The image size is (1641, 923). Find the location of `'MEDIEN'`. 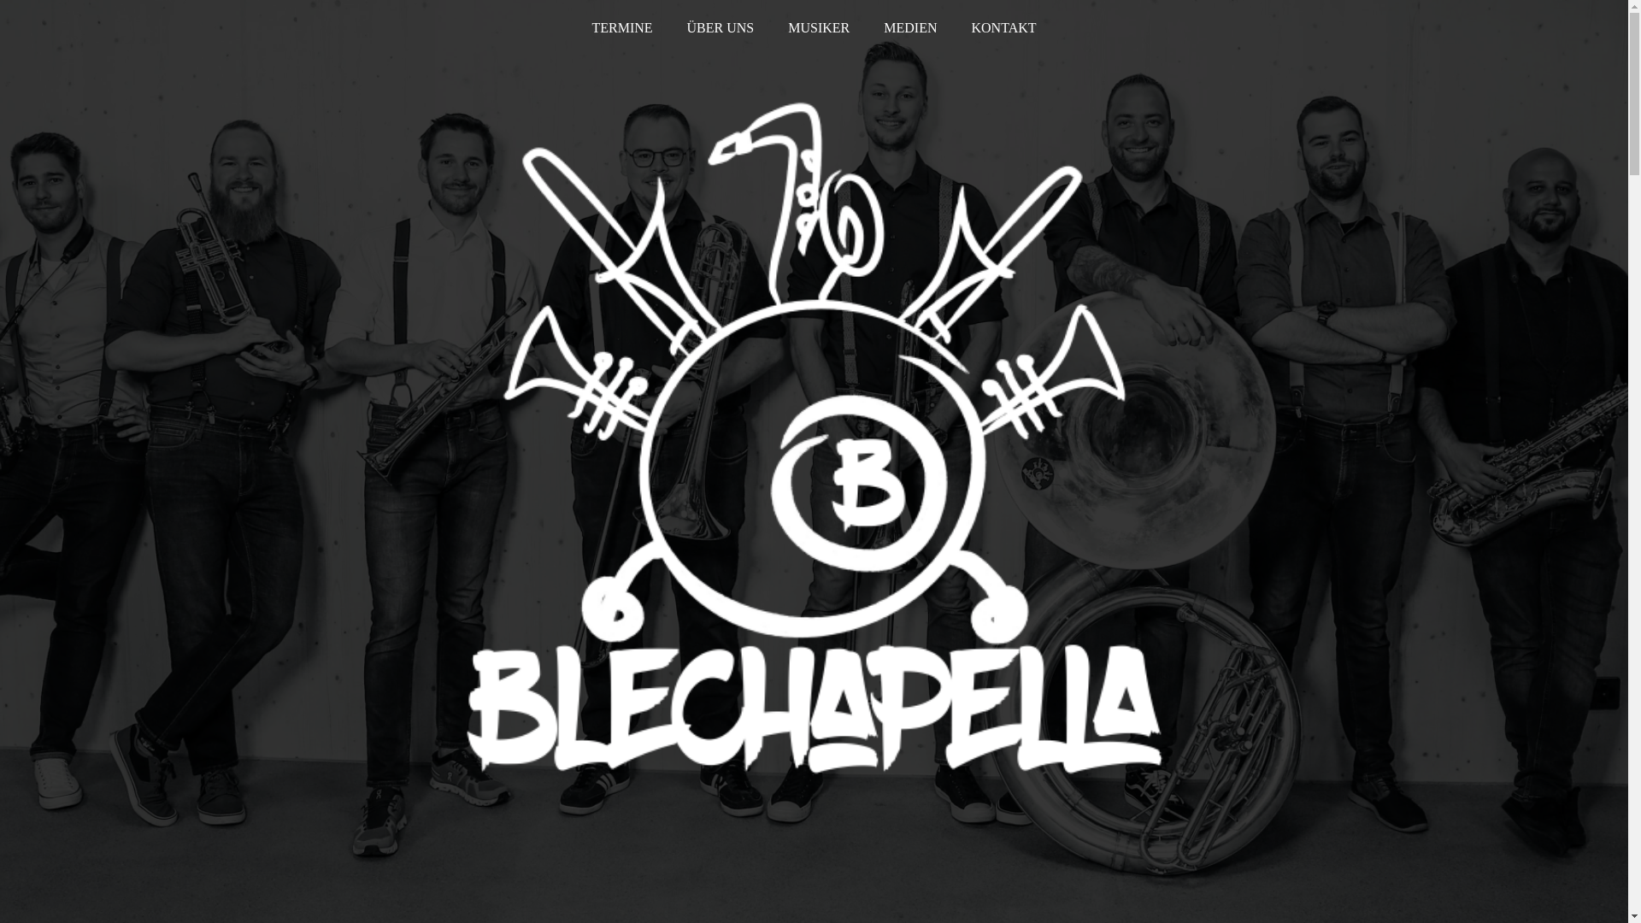

'MEDIEN' is located at coordinates (909, 28).